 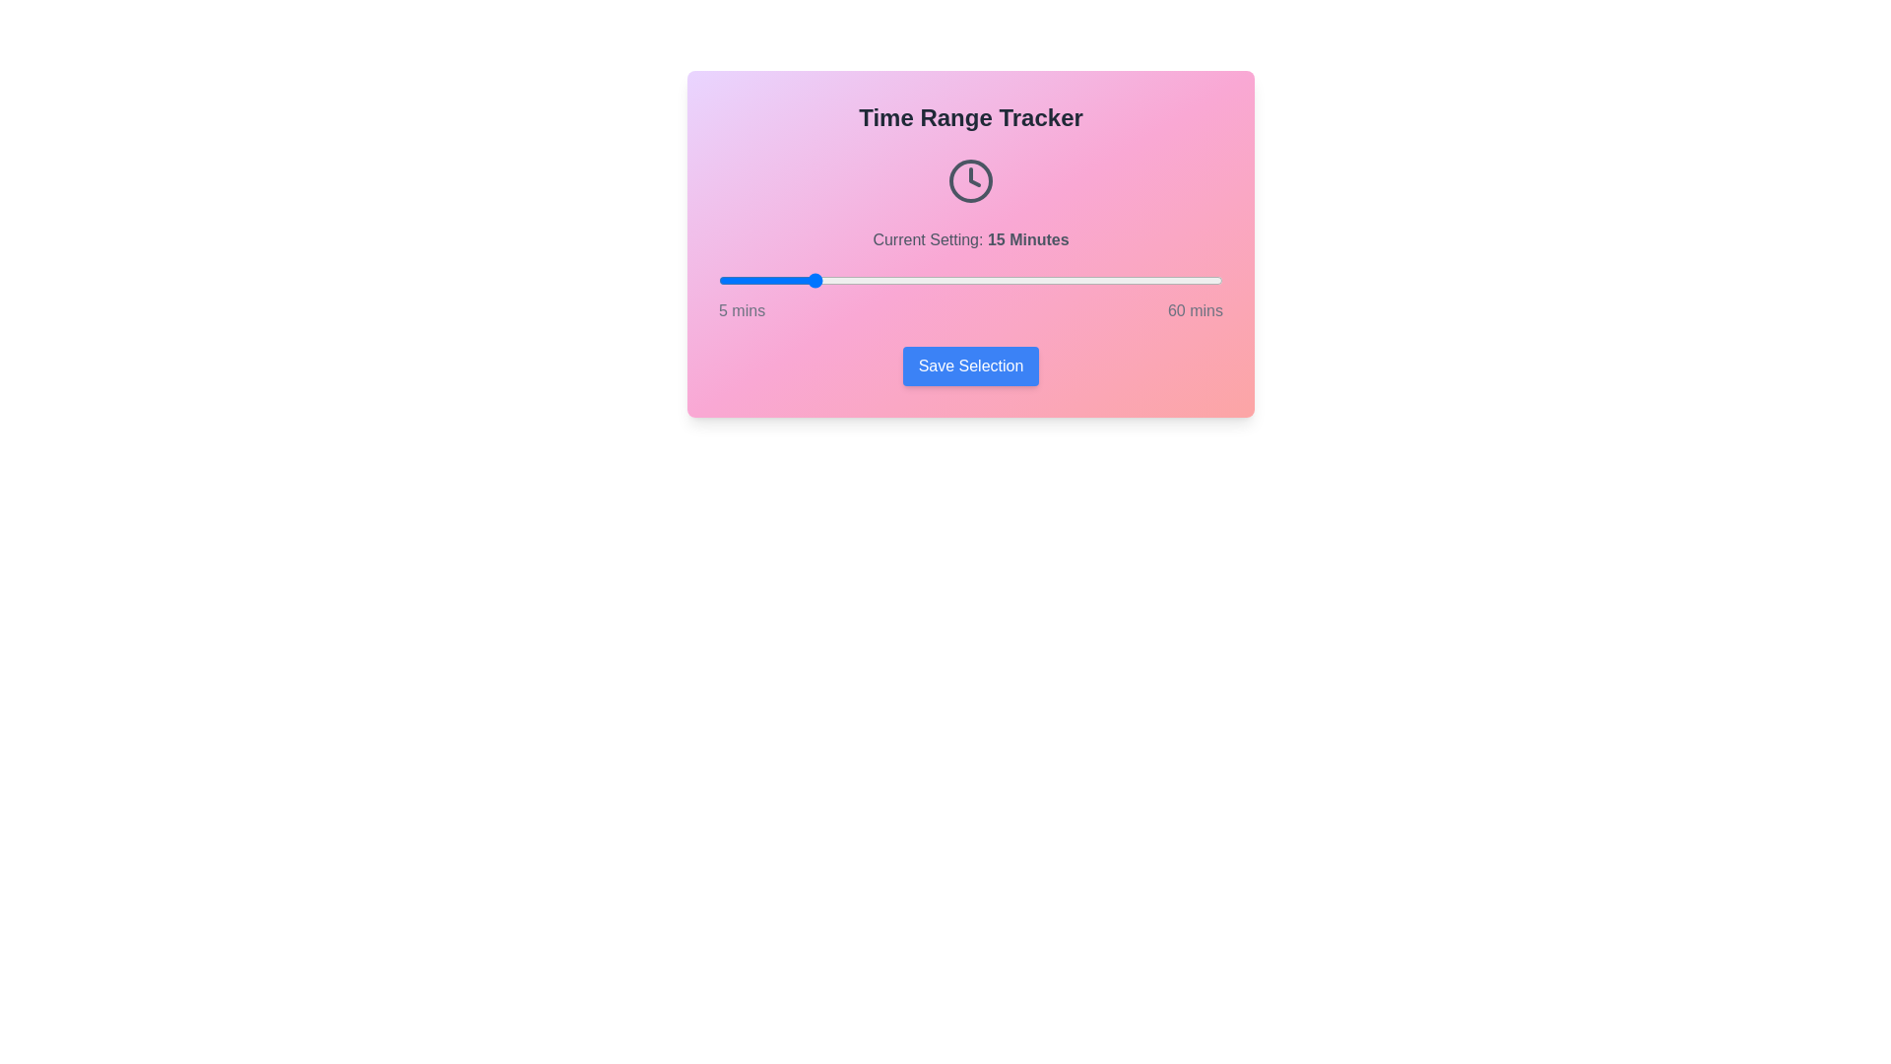 What do you see at coordinates (970, 181) in the screenshot?
I see `the clock icon to trigger its functionality` at bounding box center [970, 181].